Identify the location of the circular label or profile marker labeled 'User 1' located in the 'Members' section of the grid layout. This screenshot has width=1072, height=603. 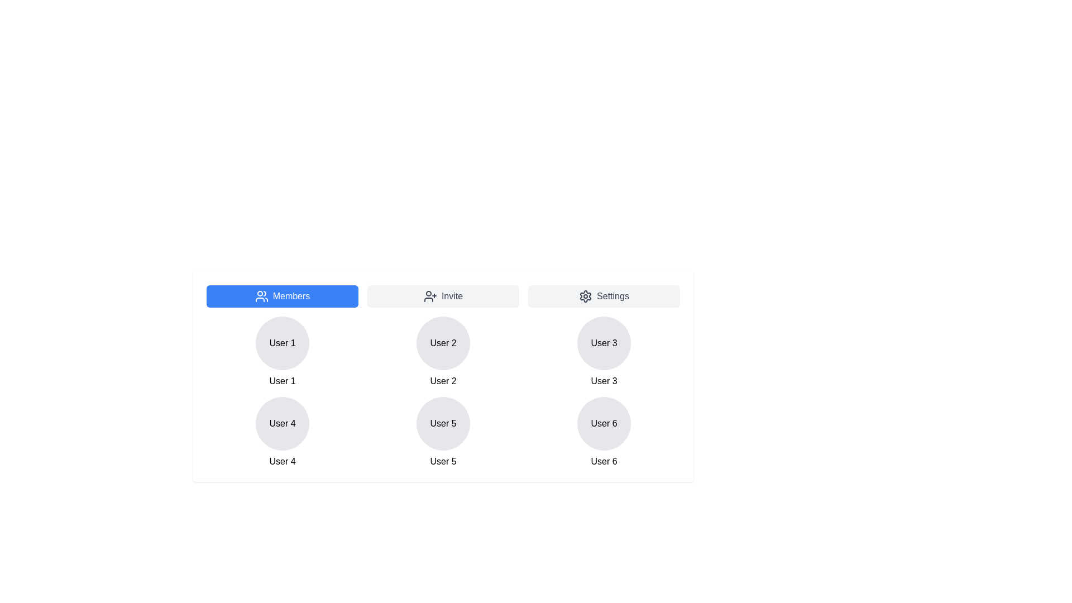
(282, 342).